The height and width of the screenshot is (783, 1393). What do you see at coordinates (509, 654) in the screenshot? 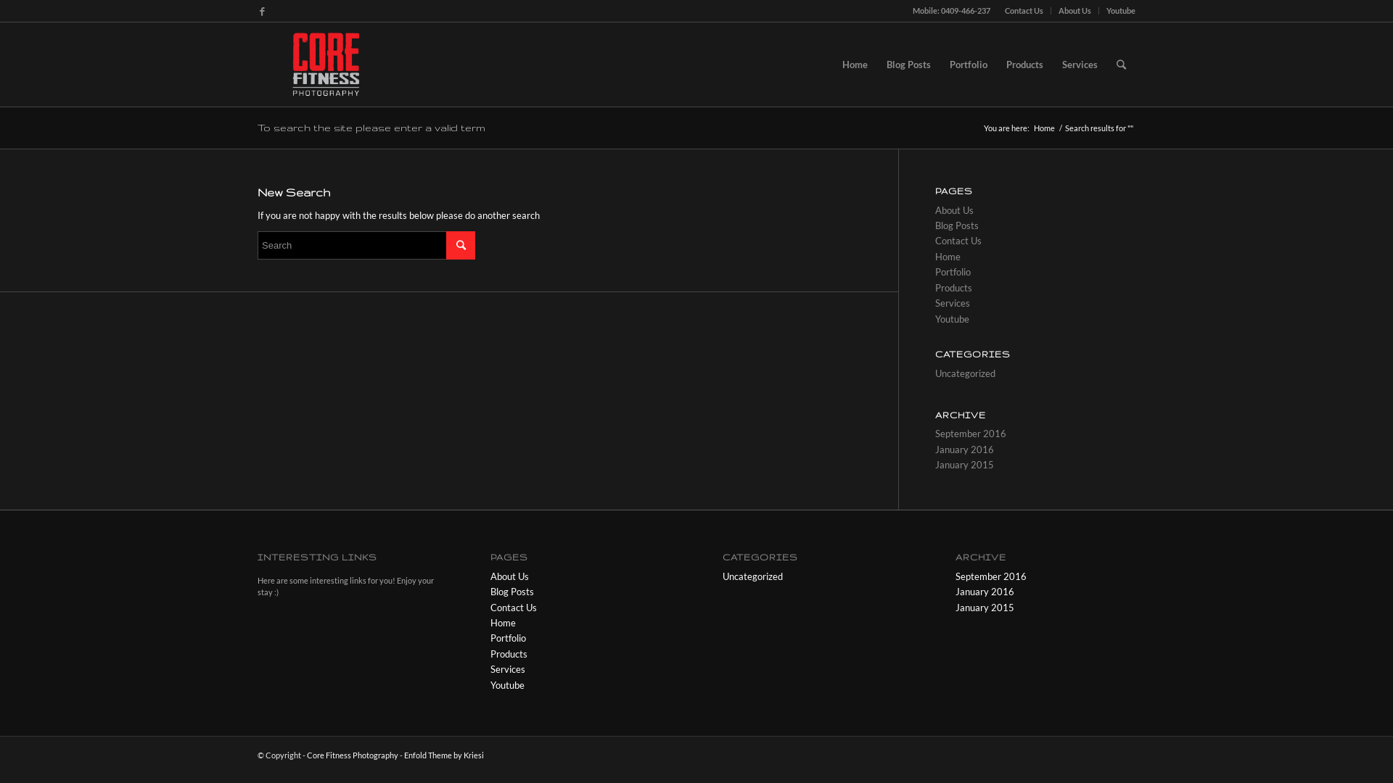
I see `'Products'` at bounding box center [509, 654].